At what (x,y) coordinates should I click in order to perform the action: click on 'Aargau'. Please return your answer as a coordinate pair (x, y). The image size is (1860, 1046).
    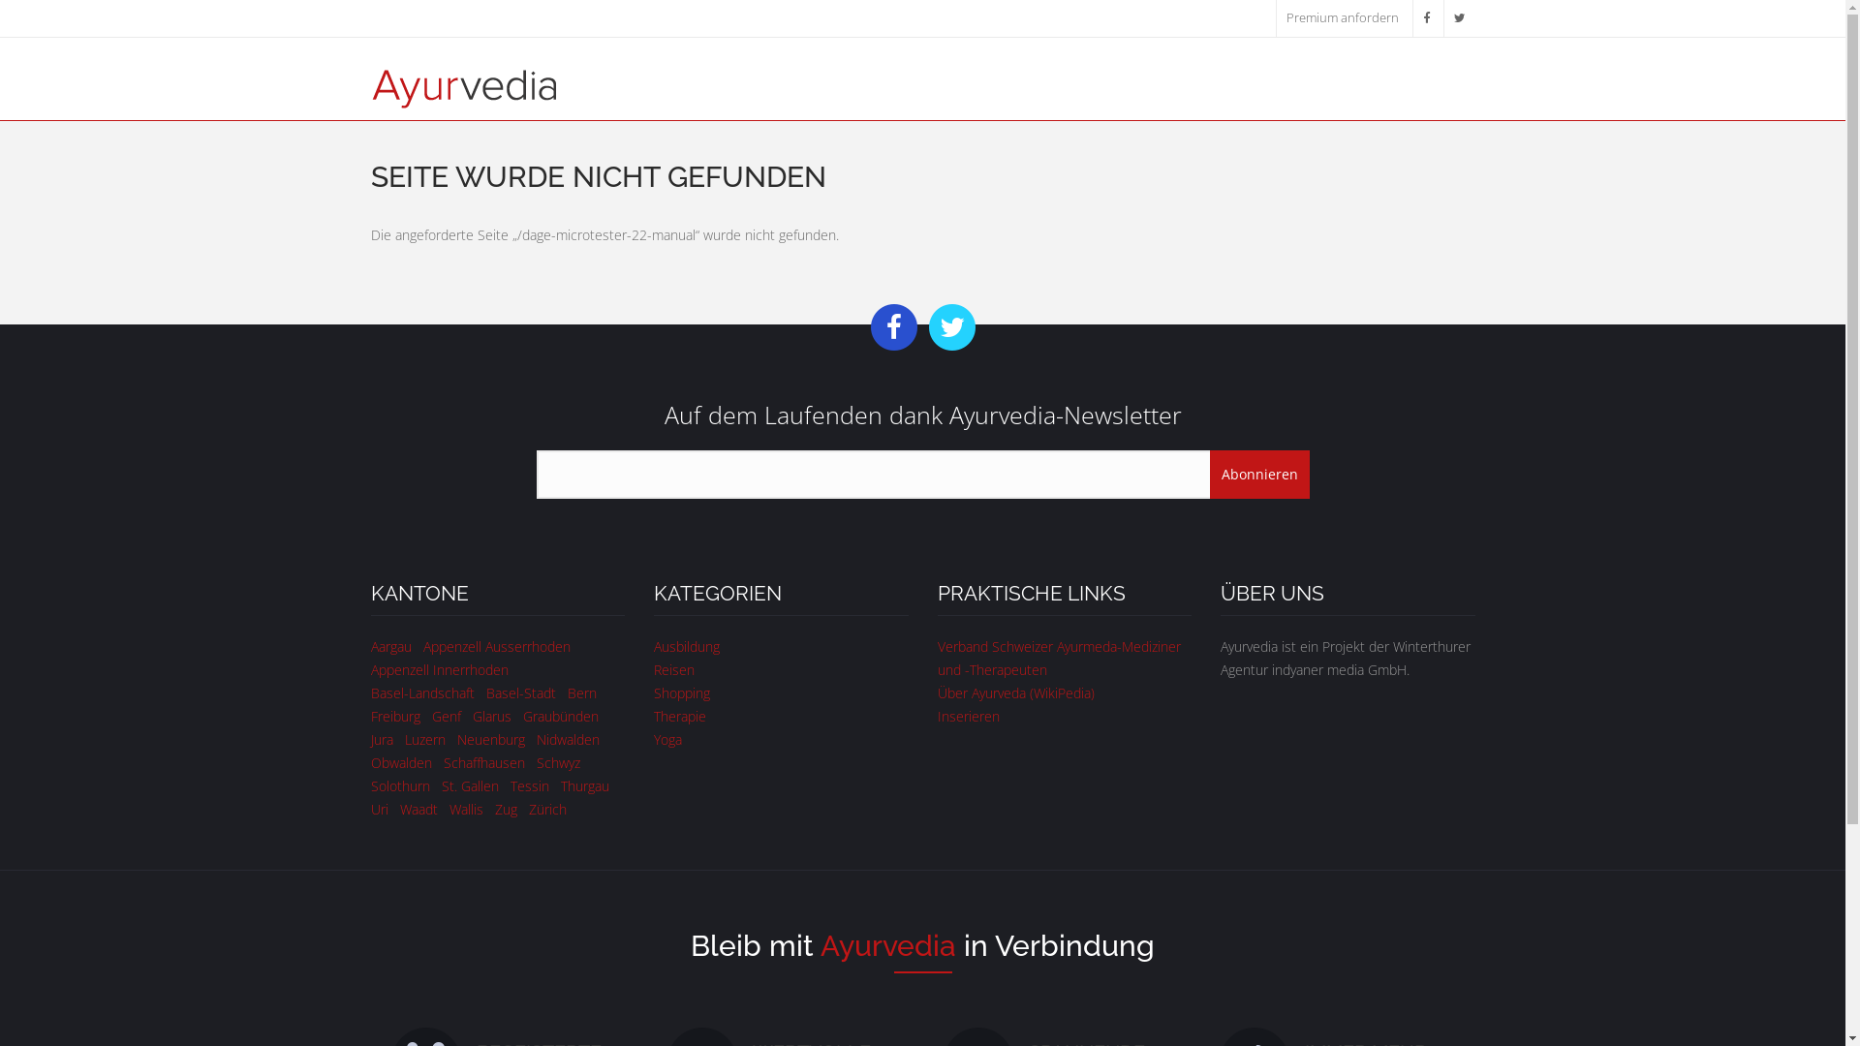
    Looking at the image, I should click on (389, 646).